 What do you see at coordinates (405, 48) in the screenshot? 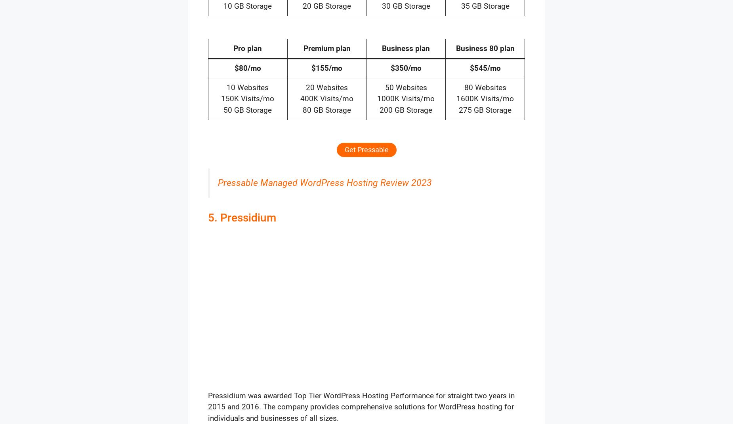
I see `'Business plan'` at bounding box center [405, 48].